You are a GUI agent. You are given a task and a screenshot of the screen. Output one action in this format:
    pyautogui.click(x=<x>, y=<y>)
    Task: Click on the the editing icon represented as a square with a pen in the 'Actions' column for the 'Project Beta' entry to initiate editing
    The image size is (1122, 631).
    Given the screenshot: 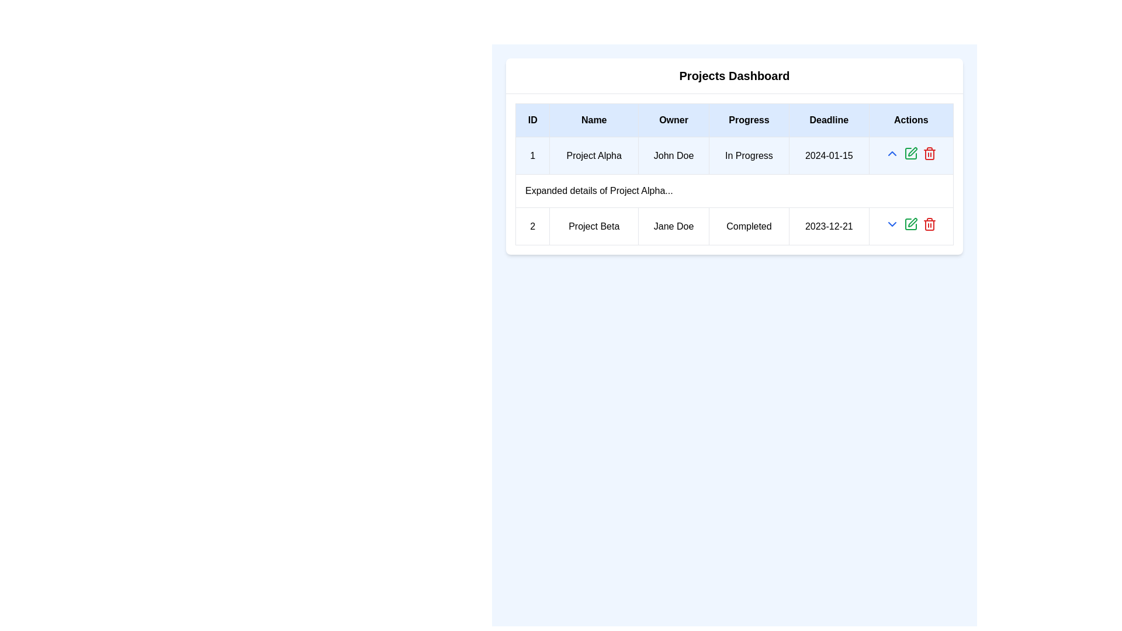 What is the action you would take?
    pyautogui.click(x=910, y=224)
    